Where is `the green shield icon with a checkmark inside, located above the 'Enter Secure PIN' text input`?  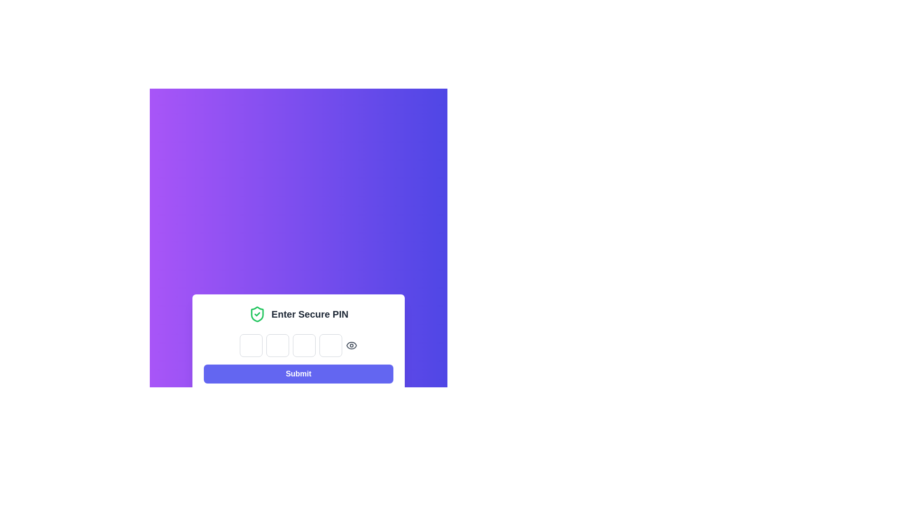
the green shield icon with a checkmark inside, located above the 'Enter Secure PIN' text input is located at coordinates (257, 314).